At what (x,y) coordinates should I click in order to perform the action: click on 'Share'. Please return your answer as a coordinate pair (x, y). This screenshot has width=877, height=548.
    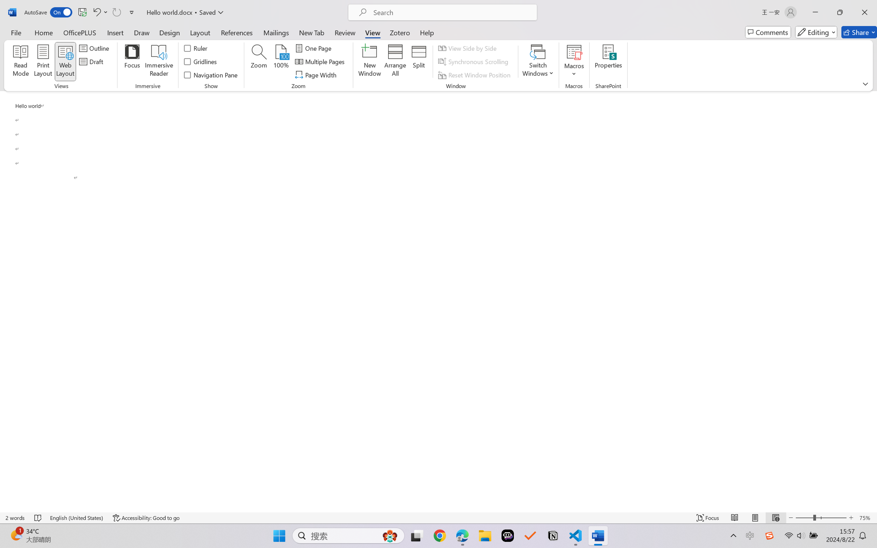
    Looking at the image, I should click on (859, 32).